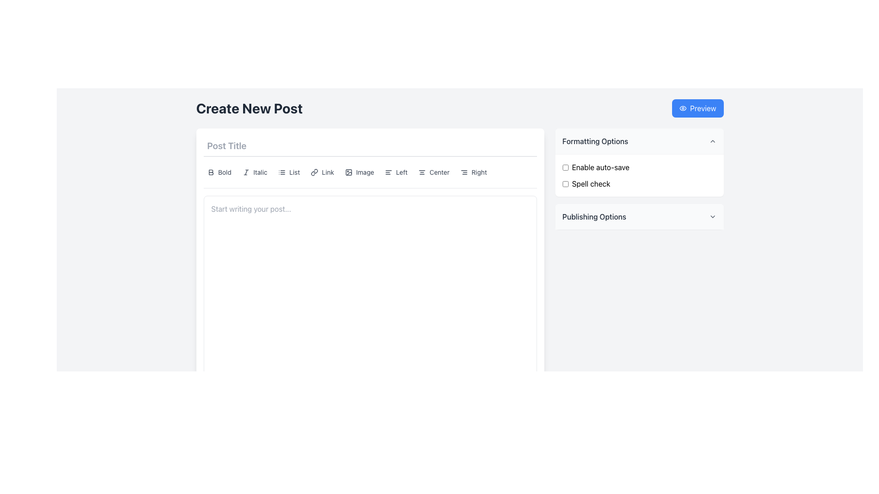 Image resolution: width=879 pixels, height=494 pixels. What do you see at coordinates (396, 172) in the screenshot?
I see `the 'Left' button with a left alignment icon located in the toolbar section` at bounding box center [396, 172].